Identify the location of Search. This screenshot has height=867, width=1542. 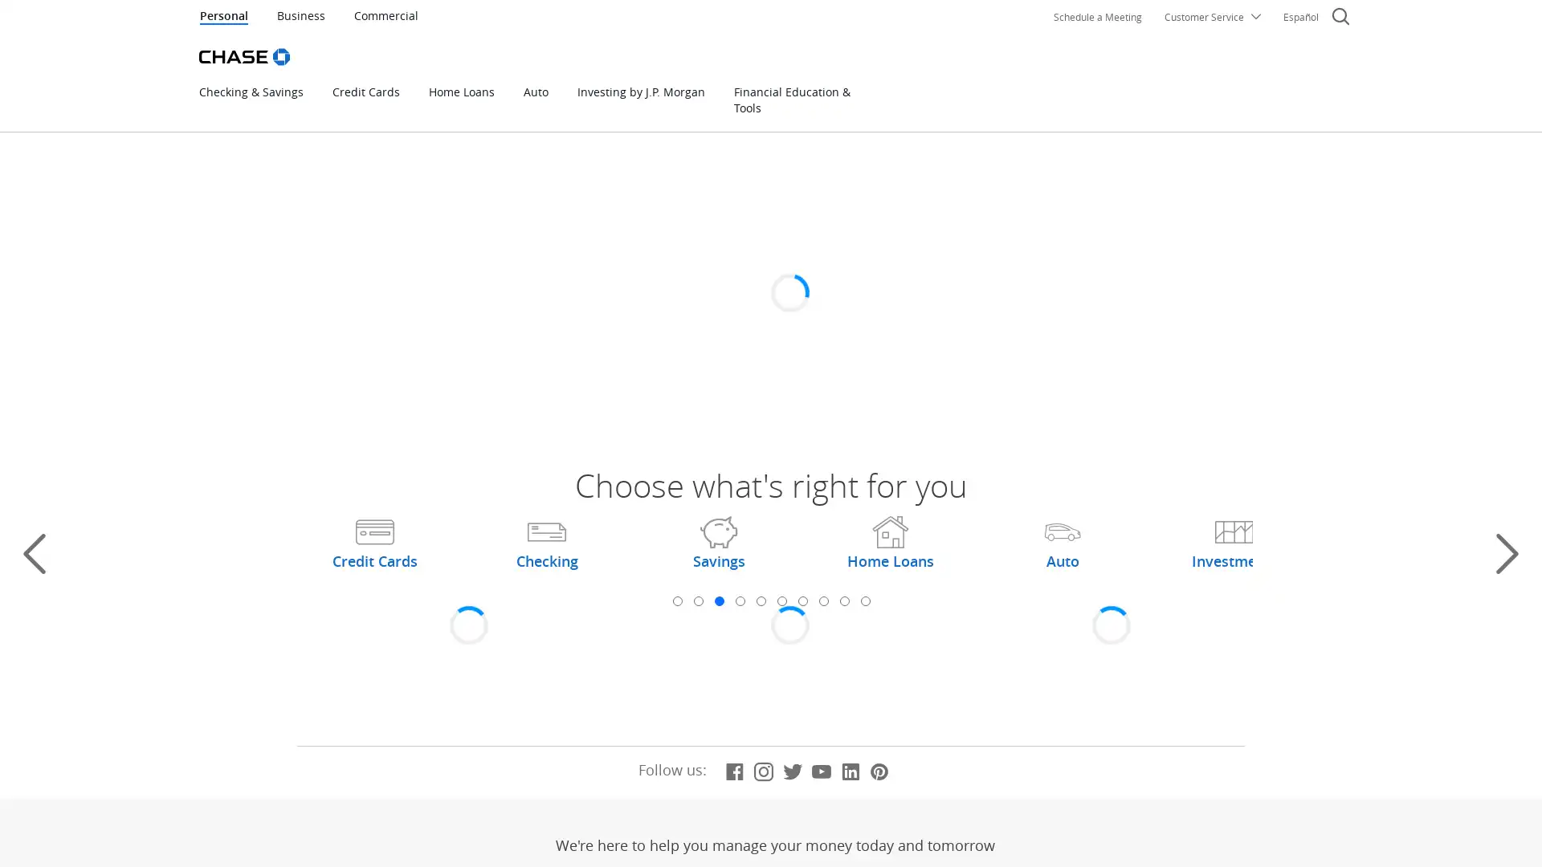
(1340, 18).